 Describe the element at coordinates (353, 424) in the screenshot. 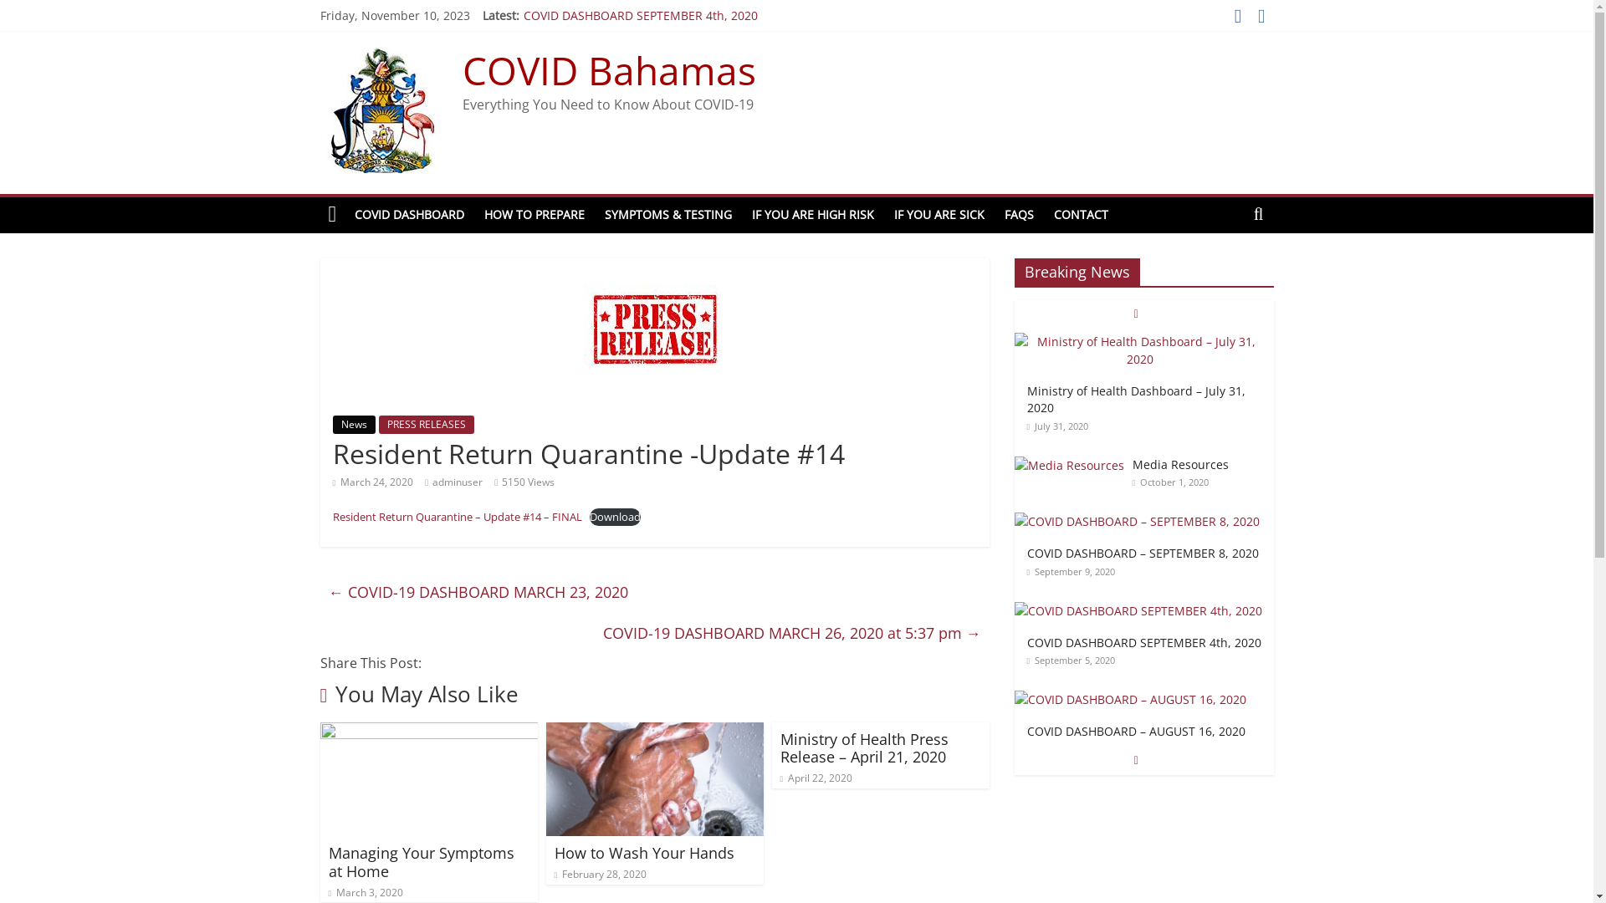

I see `'News'` at that location.